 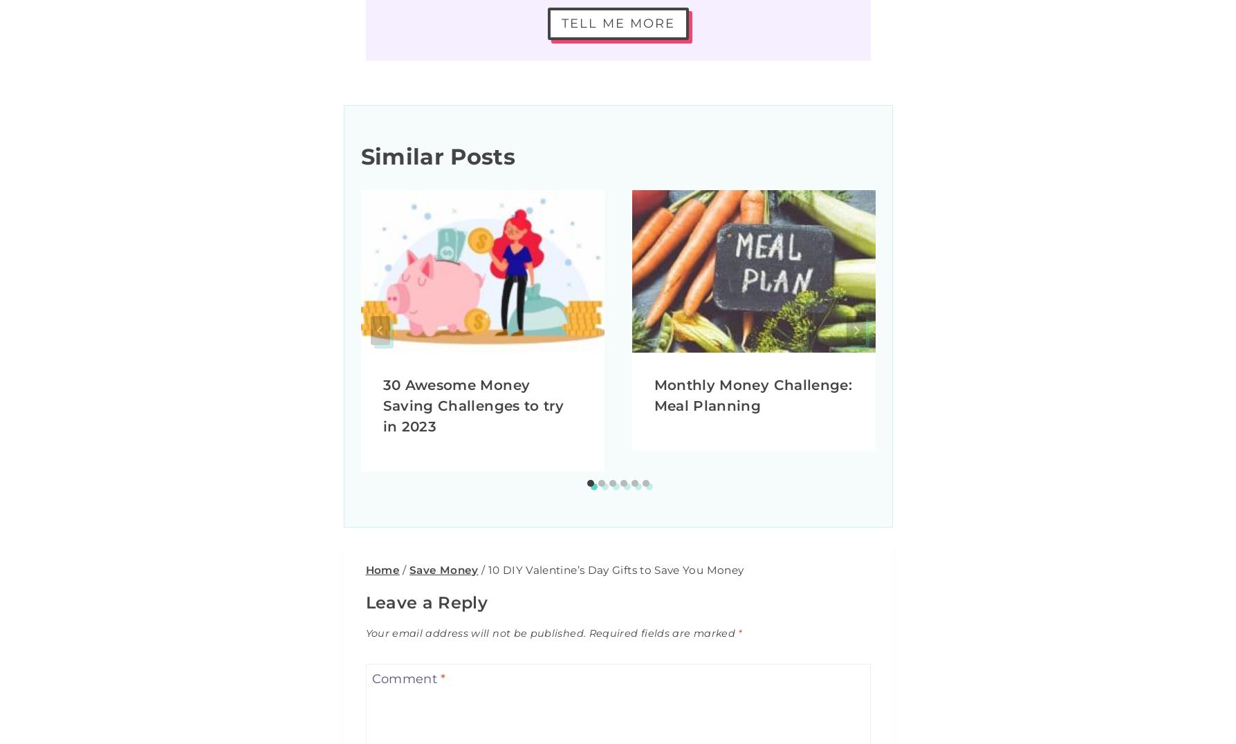 I want to click on 'Leave a Reply', so click(x=425, y=602).